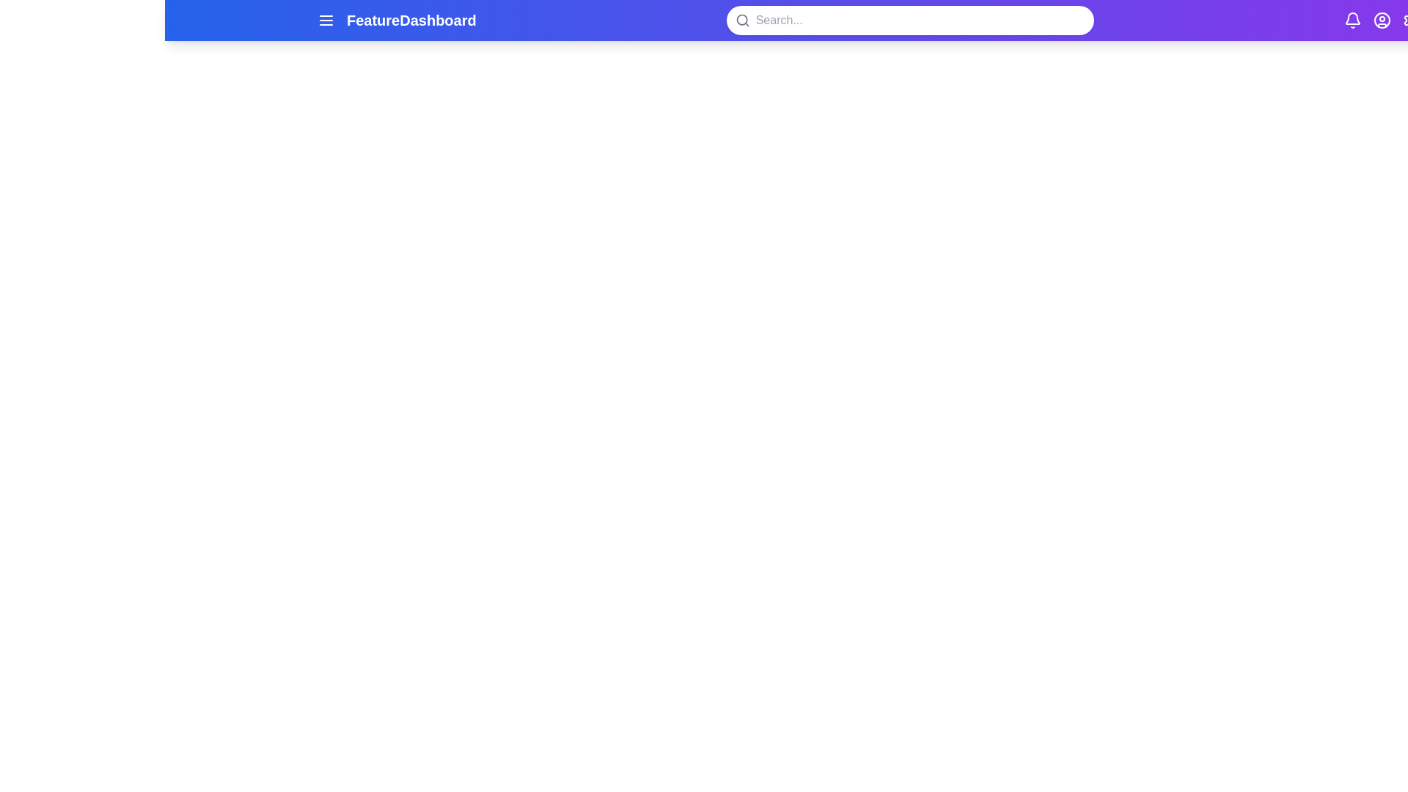 The image size is (1408, 792). Describe the element at coordinates (1382, 20) in the screenshot. I see `the user icon located at the top right corner of the interface, characterized by a circular outline and a minimalistic design` at that location.